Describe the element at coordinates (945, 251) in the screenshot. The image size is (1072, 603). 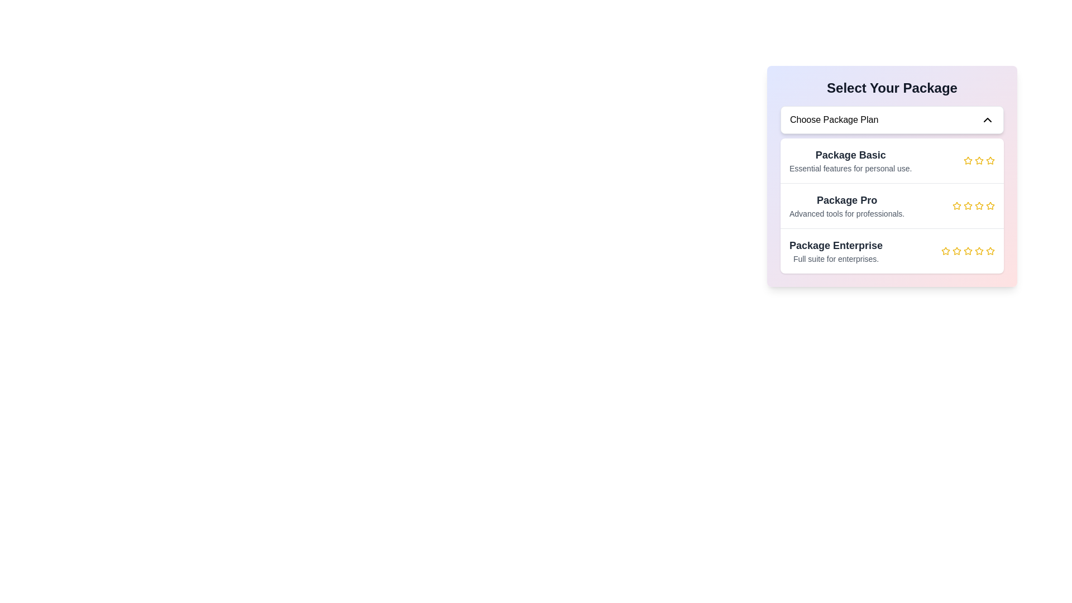
I see `the first star-shaped icon in the row to rate it, located to the right of the 'Package Enterprise' plan description` at that location.